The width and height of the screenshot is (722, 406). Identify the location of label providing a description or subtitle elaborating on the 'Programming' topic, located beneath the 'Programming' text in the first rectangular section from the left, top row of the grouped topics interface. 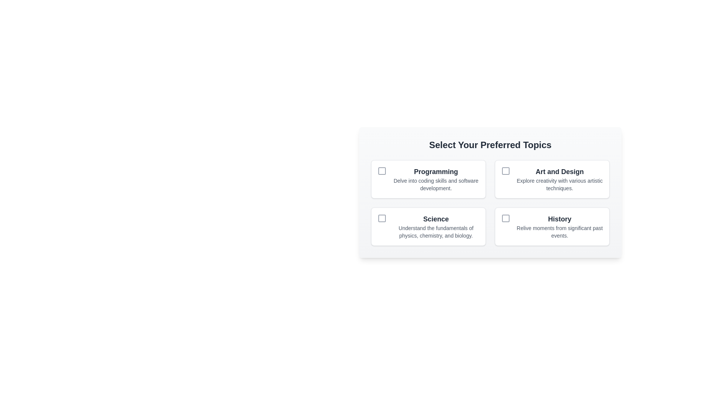
(436, 184).